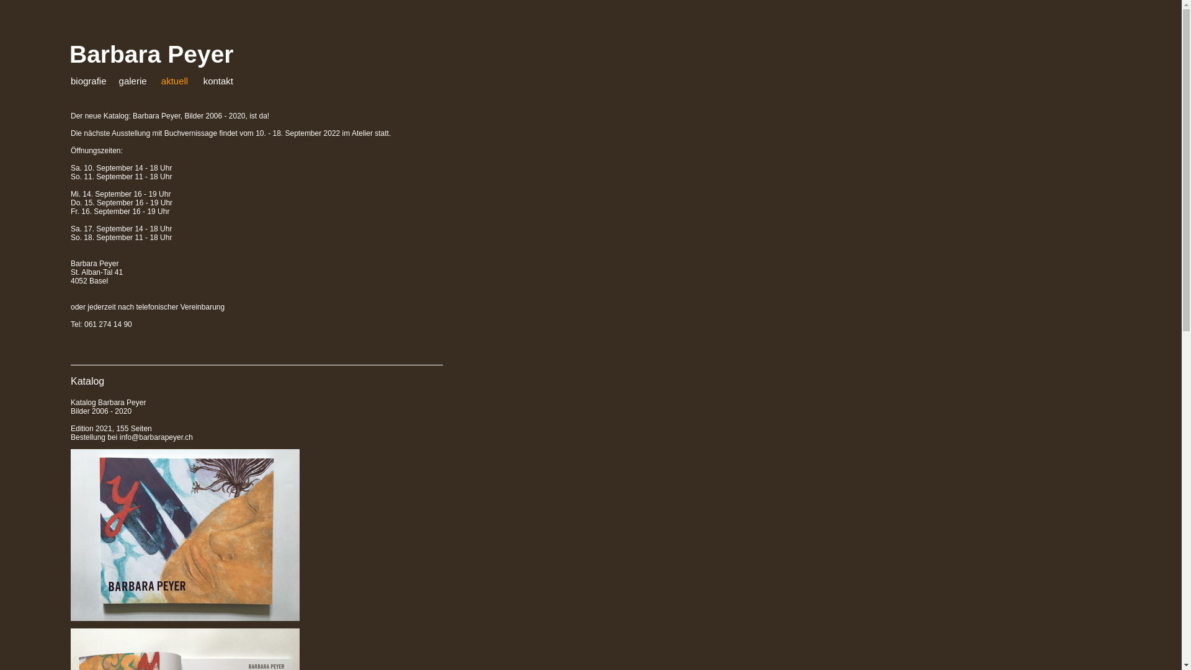 This screenshot has width=1191, height=670. What do you see at coordinates (218, 81) in the screenshot?
I see `'kontakt'` at bounding box center [218, 81].